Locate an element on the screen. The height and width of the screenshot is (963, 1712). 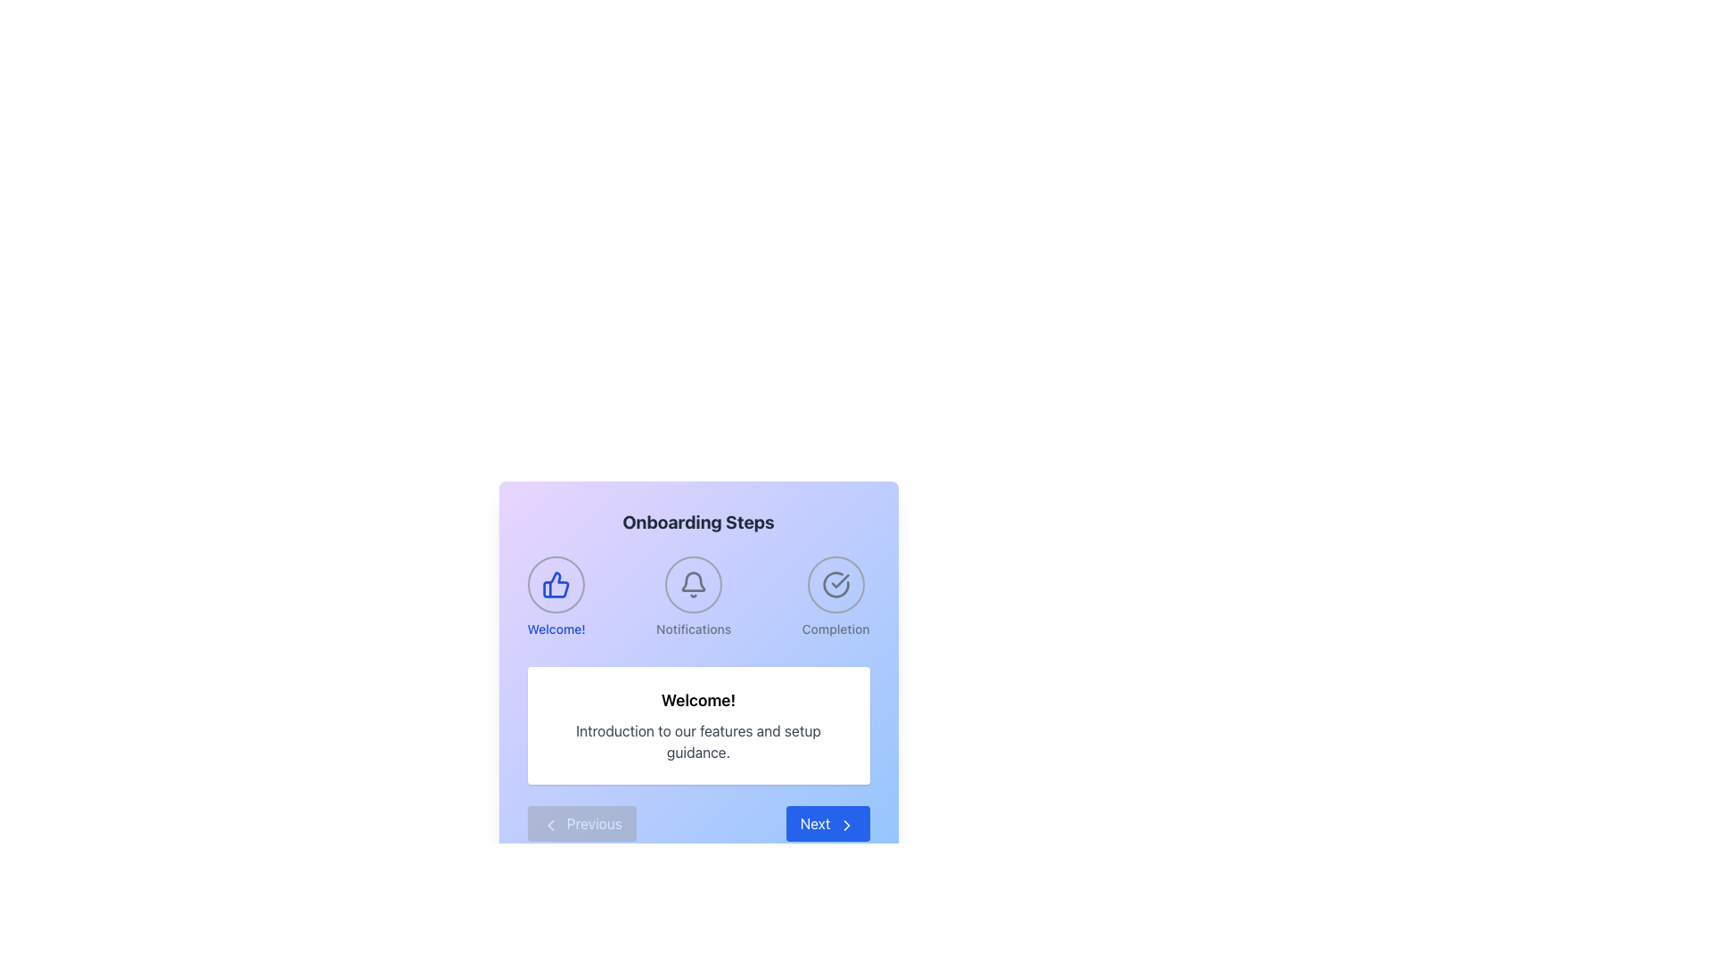
the curved segment of the SVG graphic located is located at coordinates (835, 584).